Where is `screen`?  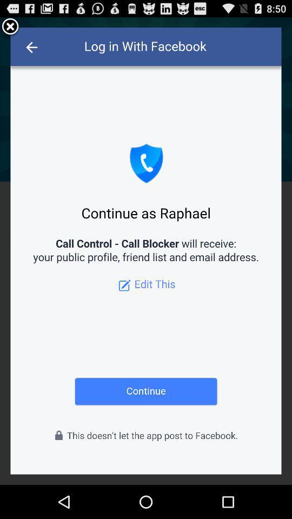 screen is located at coordinates (10, 26).